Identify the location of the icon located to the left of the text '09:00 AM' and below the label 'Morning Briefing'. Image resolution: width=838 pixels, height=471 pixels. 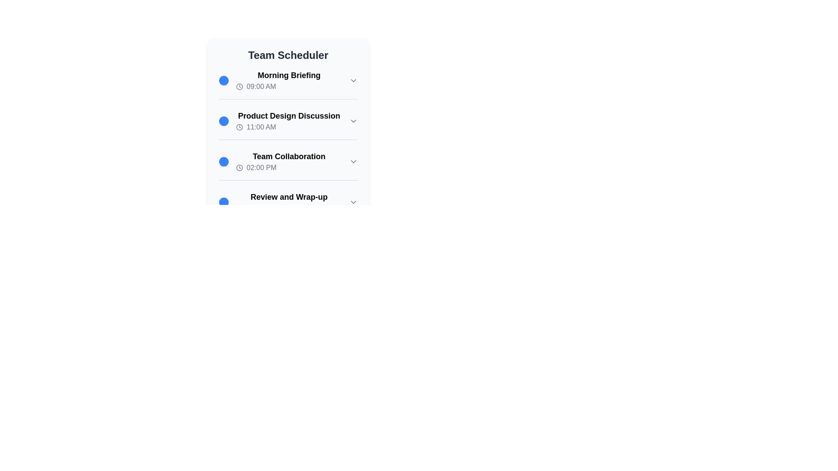
(239, 87).